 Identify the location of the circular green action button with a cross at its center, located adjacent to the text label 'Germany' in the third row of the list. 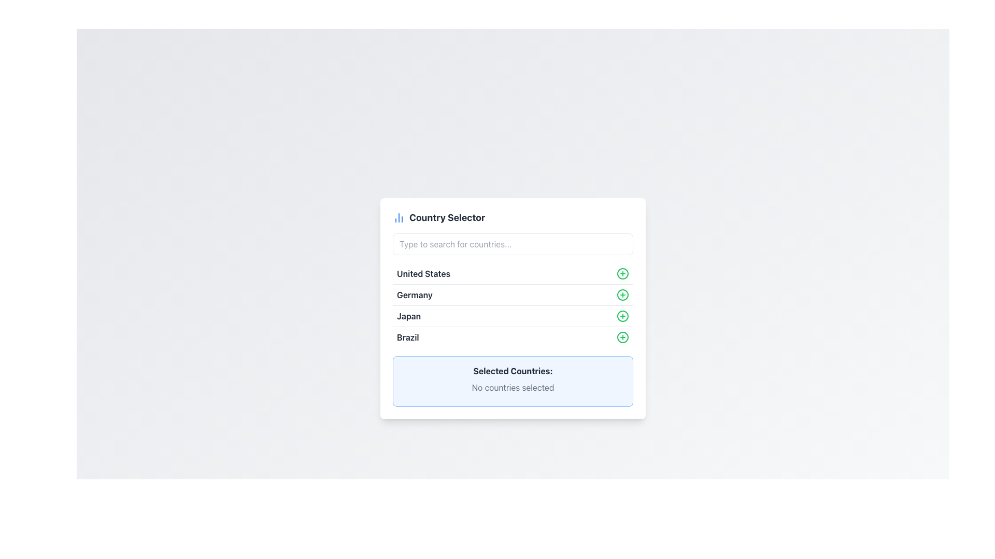
(622, 295).